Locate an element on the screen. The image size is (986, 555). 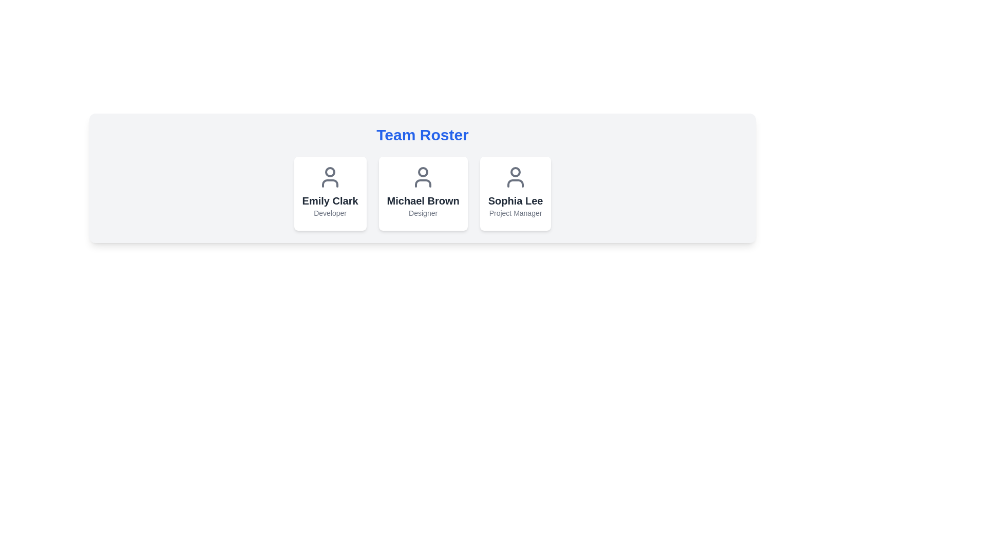
the 'Team Roster' heading, which is a bold, large, blue text element centered within a light gray background is located at coordinates (422, 134).